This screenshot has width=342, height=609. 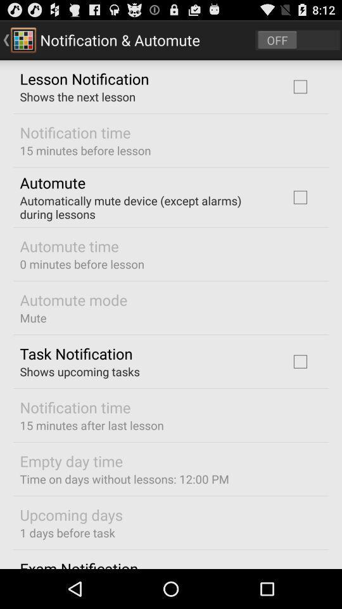 I want to click on time on days app, so click(x=124, y=478).